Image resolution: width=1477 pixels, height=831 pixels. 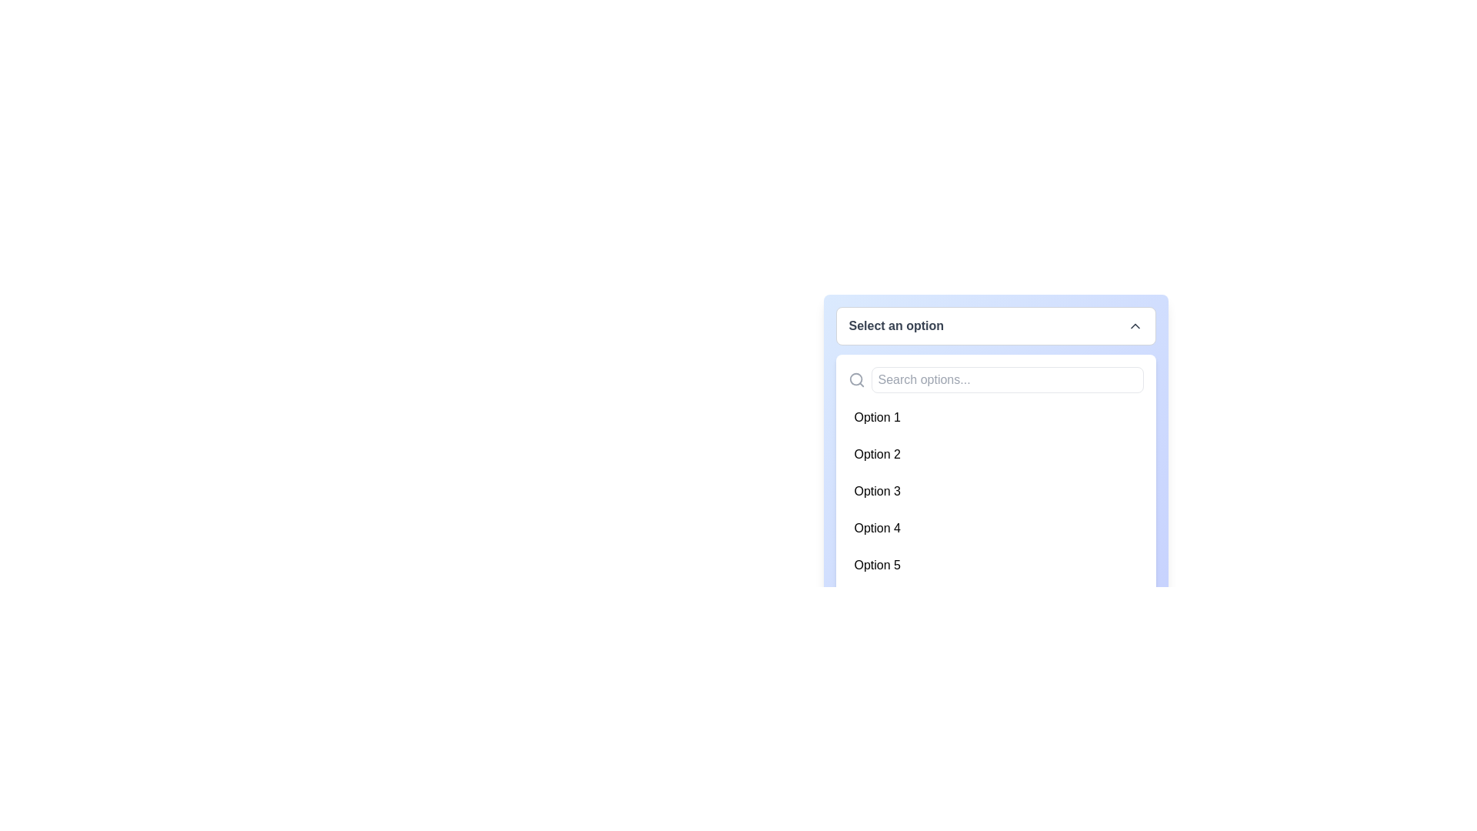 What do you see at coordinates (877, 566) in the screenshot?
I see `the fifth selectable option in the dropdown menu` at bounding box center [877, 566].